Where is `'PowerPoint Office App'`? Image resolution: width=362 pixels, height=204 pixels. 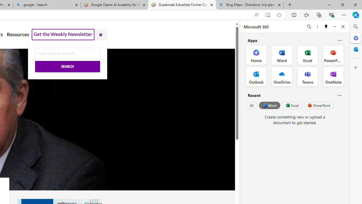 'PowerPoint Office App' is located at coordinates (333, 55).